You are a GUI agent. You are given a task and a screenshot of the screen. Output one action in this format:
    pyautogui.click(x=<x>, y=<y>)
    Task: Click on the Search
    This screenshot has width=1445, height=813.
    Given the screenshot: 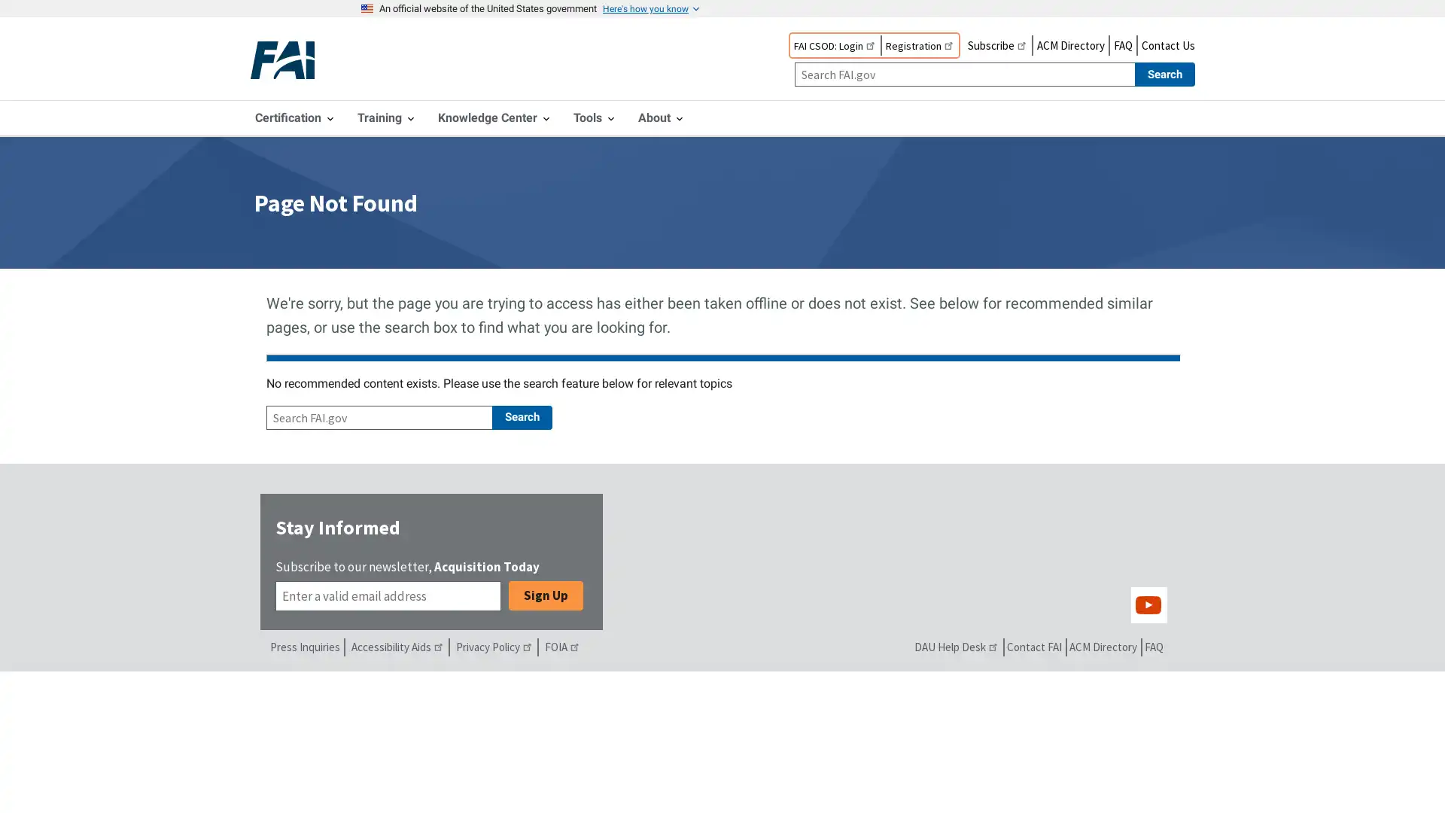 What is the action you would take?
    pyautogui.click(x=1163, y=75)
    